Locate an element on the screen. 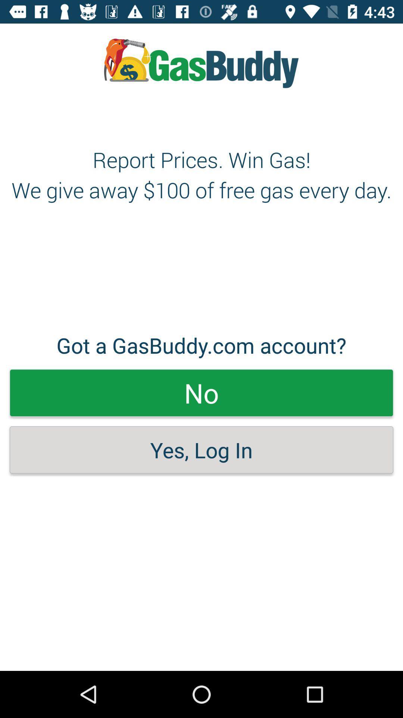 The height and width of the screenshot is (718, 403). yes, log in item is located at coordinates (201, 449).